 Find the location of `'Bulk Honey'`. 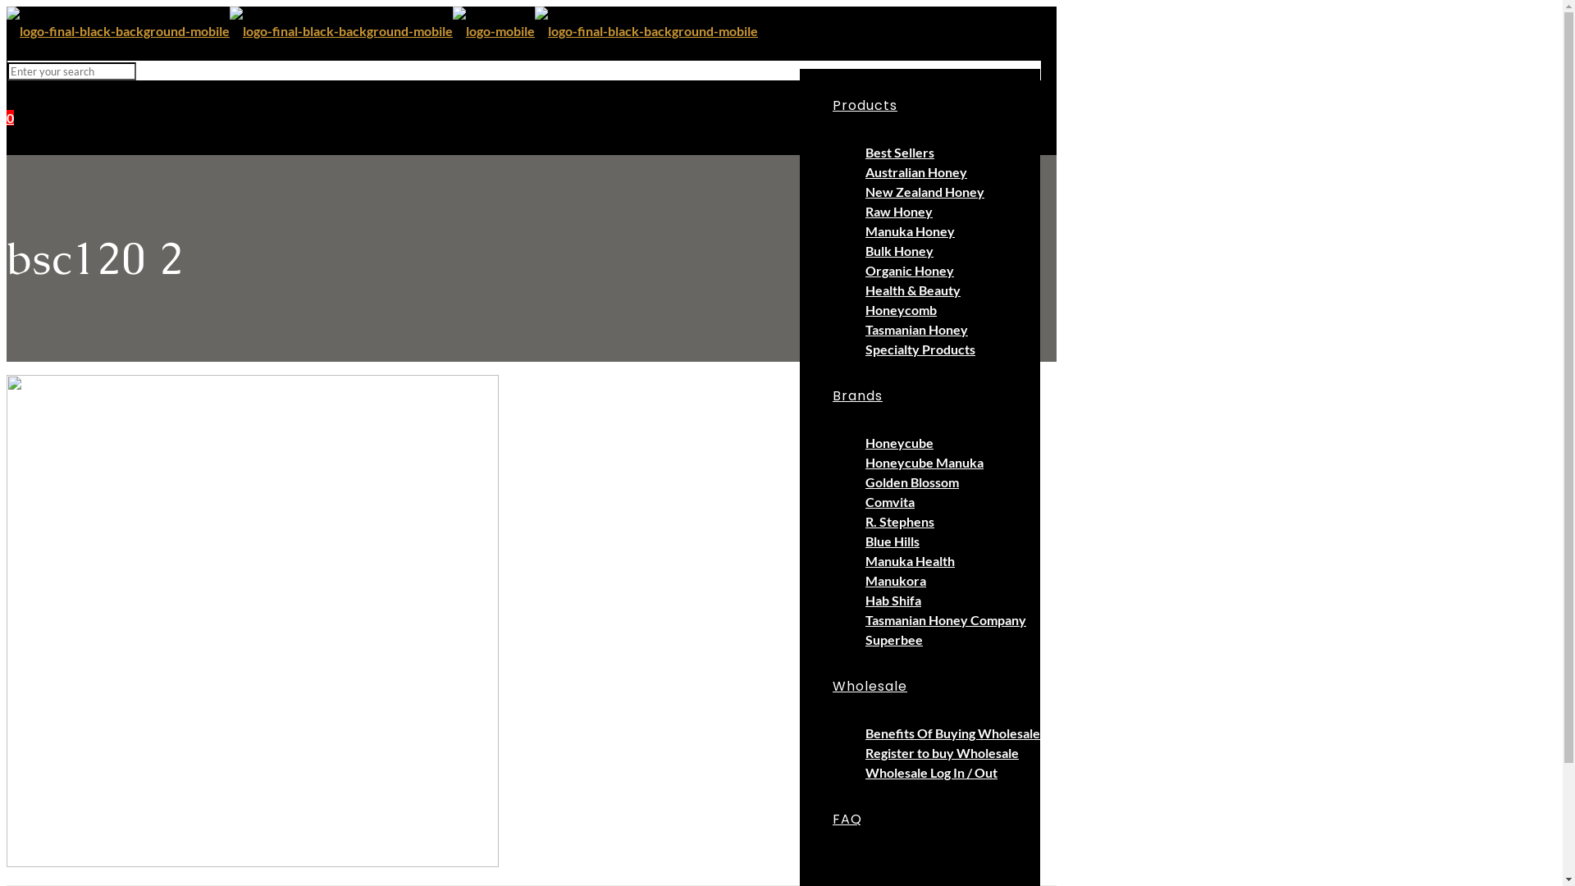

'Bulk Honey' is located at coordinates (865, 250).